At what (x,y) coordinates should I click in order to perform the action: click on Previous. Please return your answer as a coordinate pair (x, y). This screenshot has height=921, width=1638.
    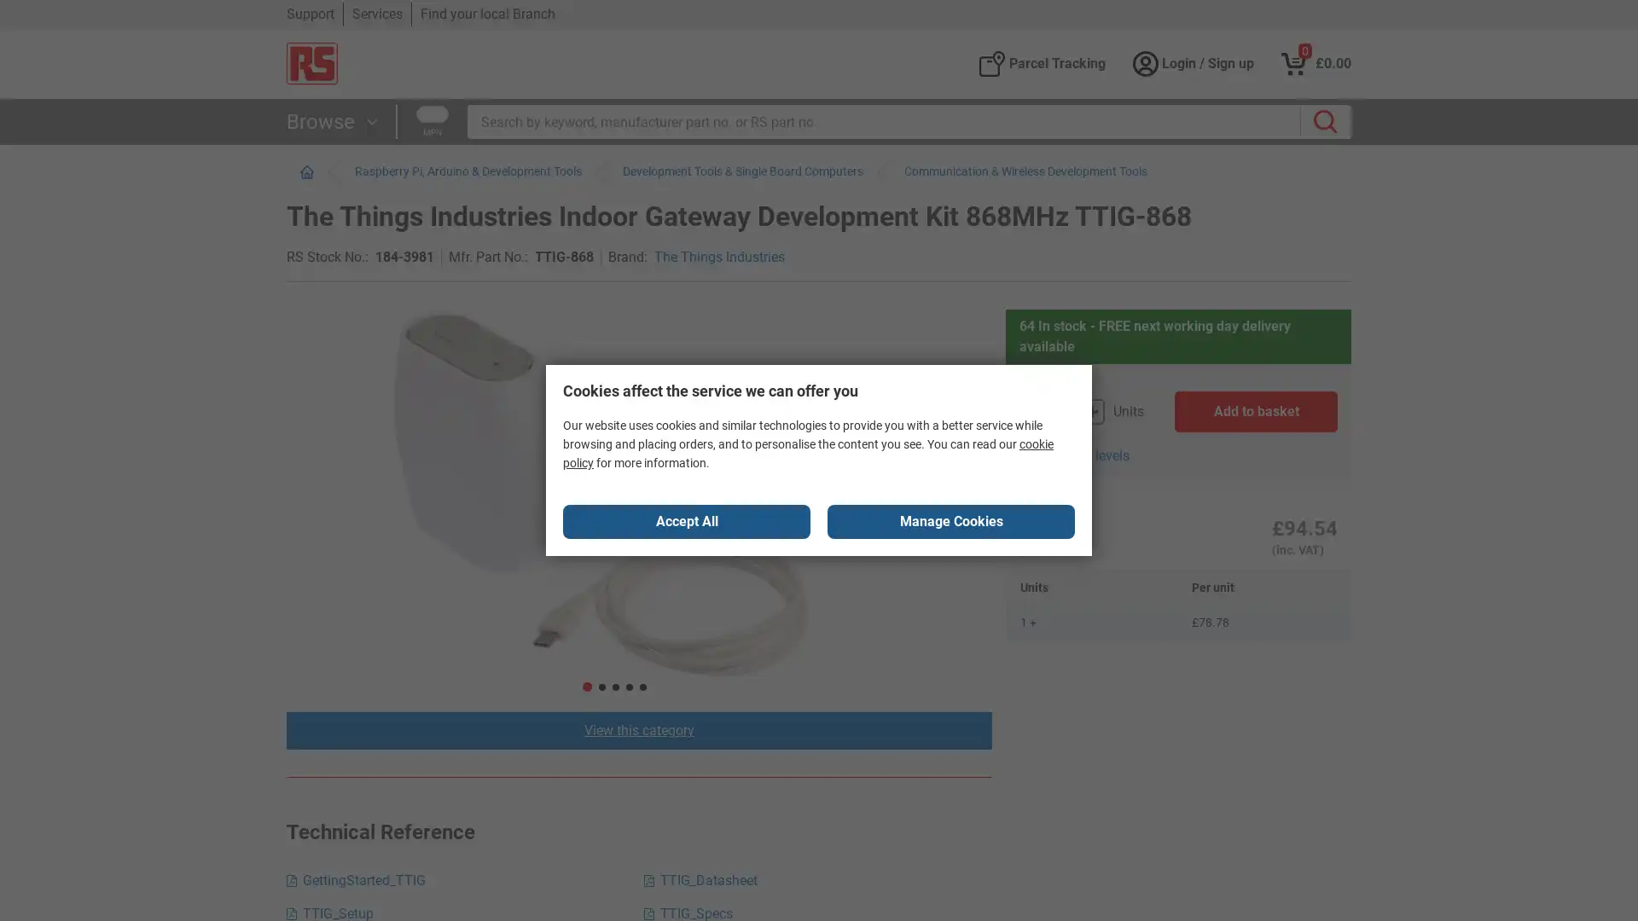
    Looking at the image, I should click on (334, 318).